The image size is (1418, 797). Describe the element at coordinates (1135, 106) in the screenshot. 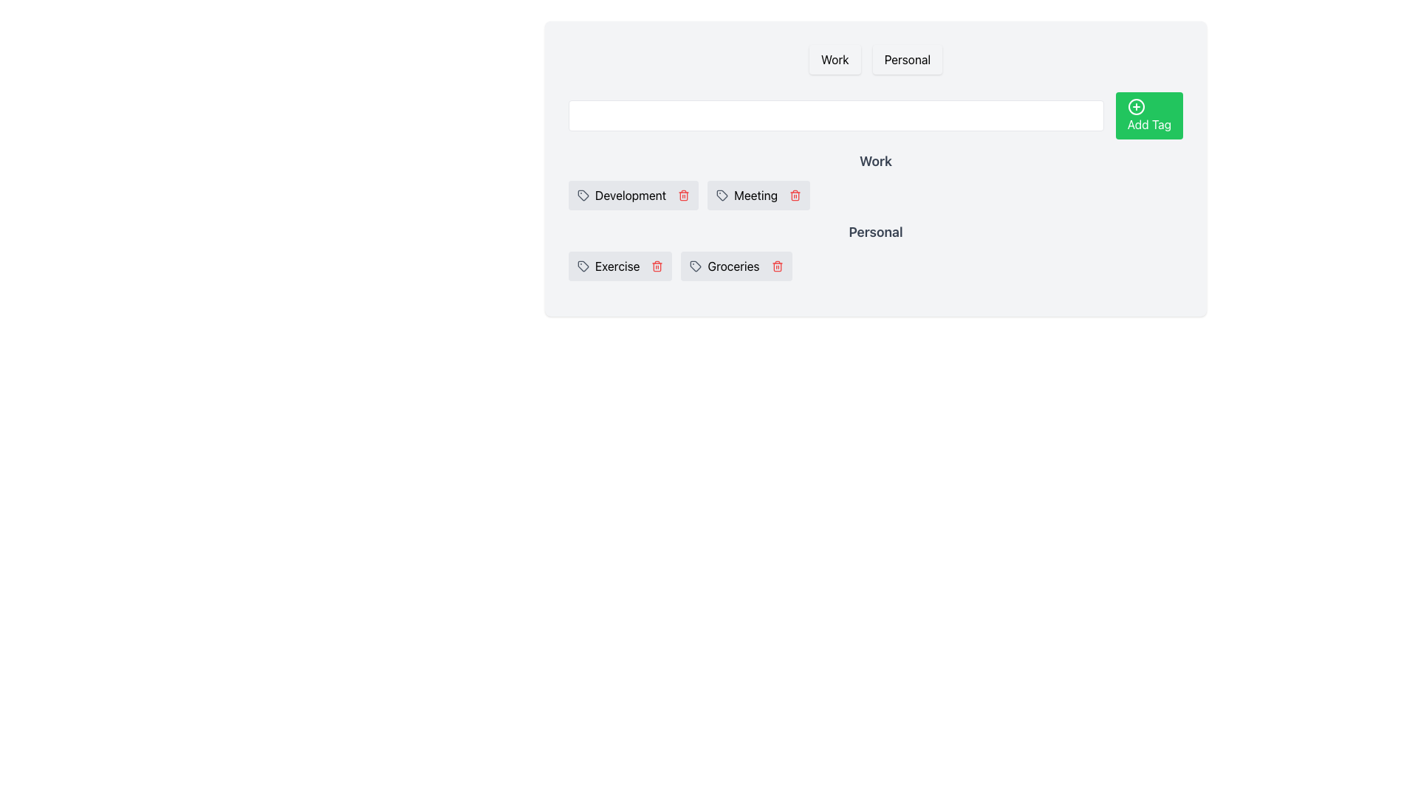

I see `the 'Add Tag' icon located within the green rectangular button for visual feedback` at that location.